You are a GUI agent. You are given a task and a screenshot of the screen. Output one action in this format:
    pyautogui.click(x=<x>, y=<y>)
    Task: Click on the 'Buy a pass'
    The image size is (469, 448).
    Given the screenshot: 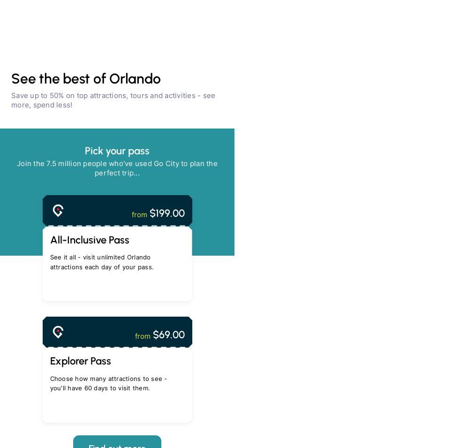 What is the action you would take?
    pyautogui.click(x=198, y=41)
    